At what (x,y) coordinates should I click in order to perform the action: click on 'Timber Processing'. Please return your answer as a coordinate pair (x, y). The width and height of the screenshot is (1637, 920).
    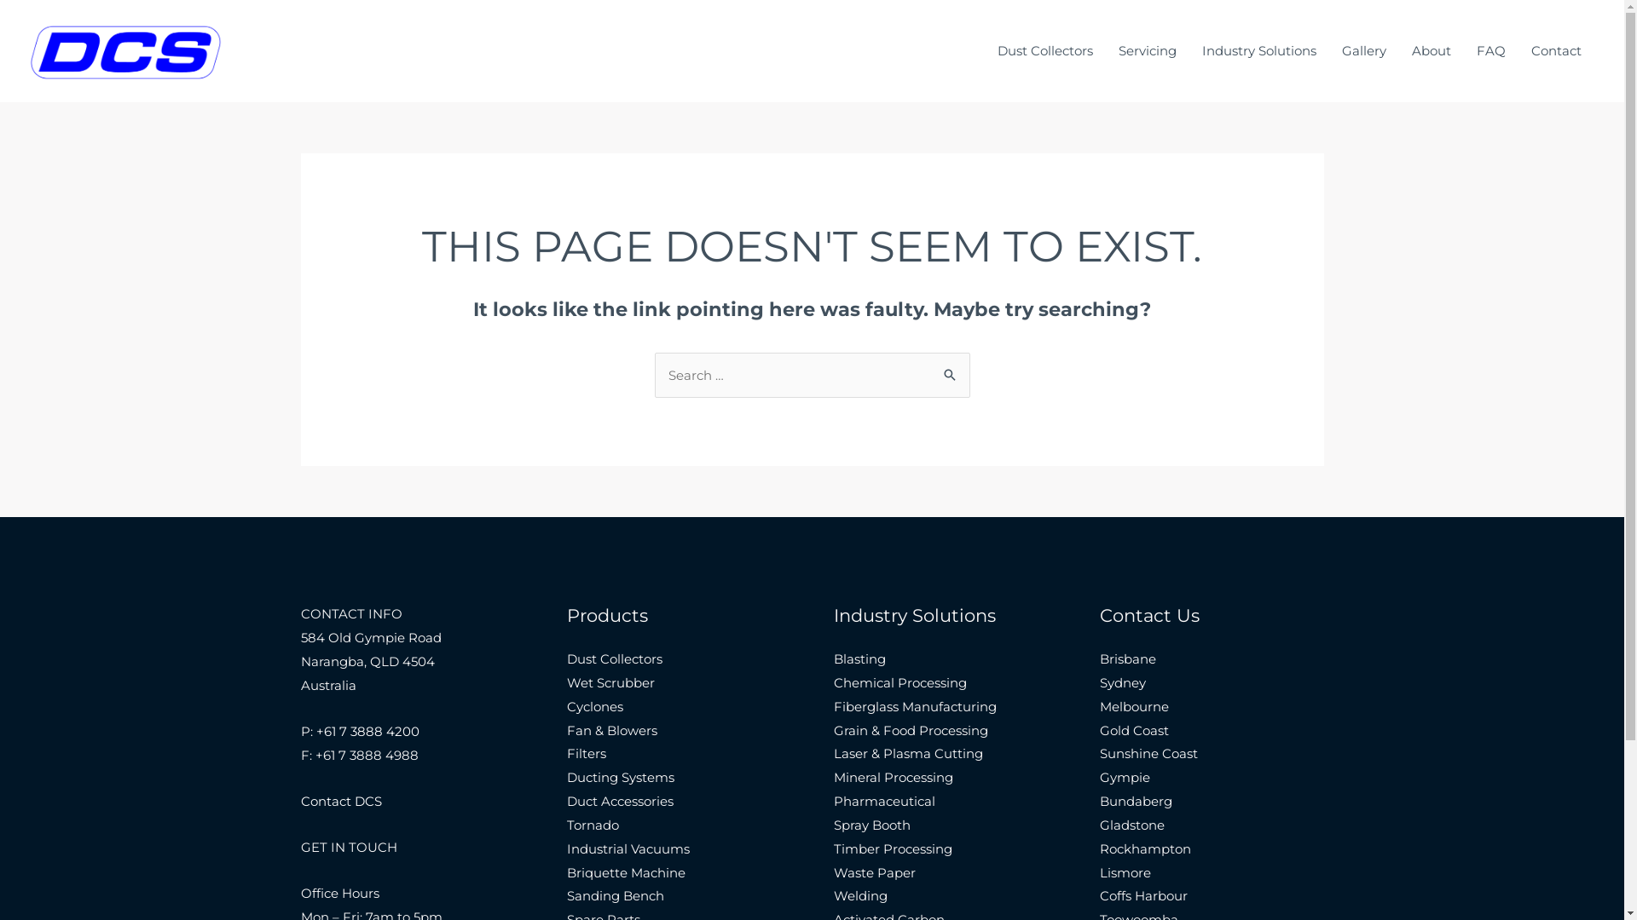
    Looking at the image, I should click on (892, 848).